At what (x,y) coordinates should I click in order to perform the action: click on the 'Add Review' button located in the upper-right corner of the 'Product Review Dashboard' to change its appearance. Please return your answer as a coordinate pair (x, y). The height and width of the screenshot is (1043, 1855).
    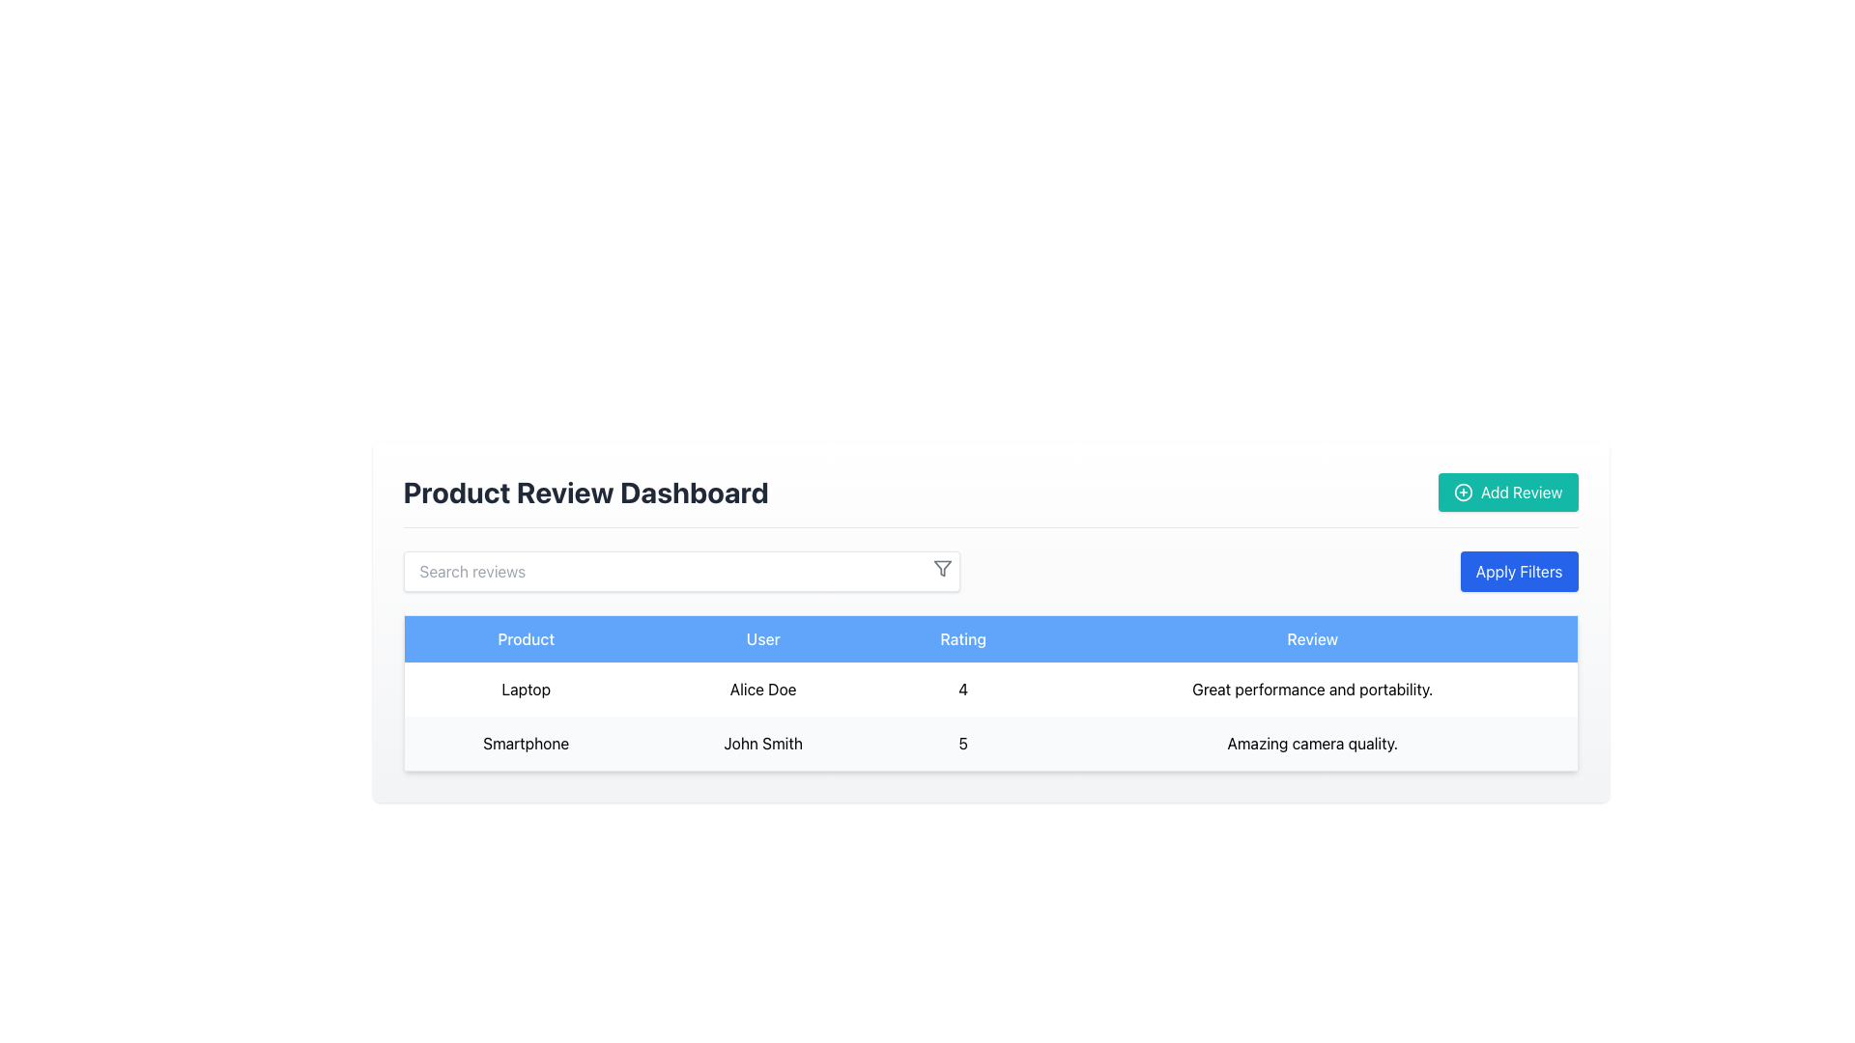
    Looking at the image, I should click on (1507, 491).